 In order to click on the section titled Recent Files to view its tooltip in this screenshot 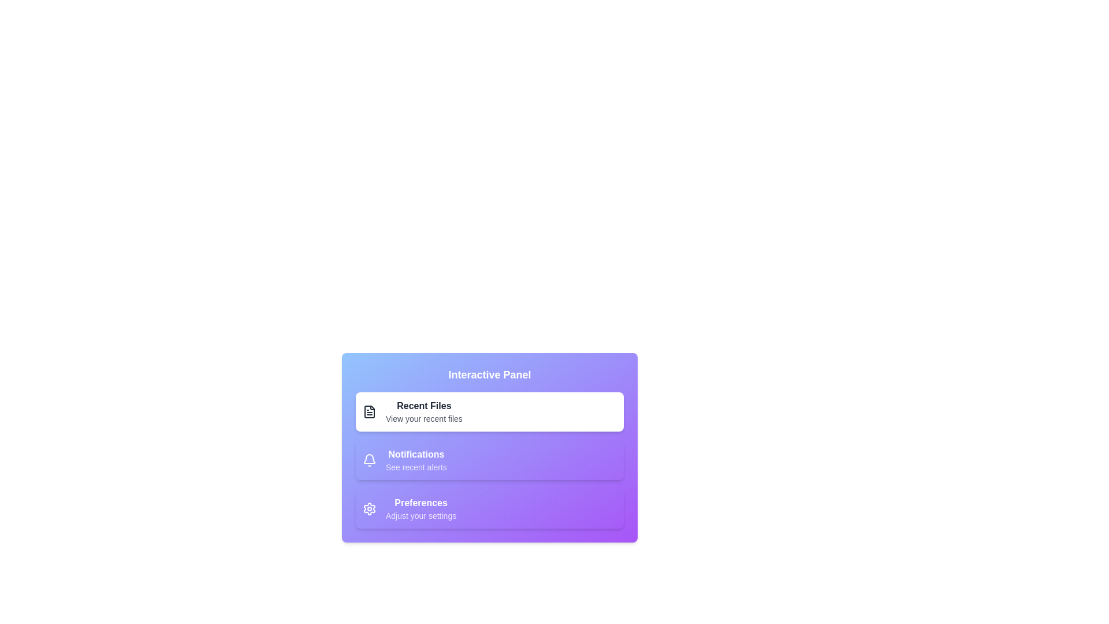, I will do `click(490, 411)`.